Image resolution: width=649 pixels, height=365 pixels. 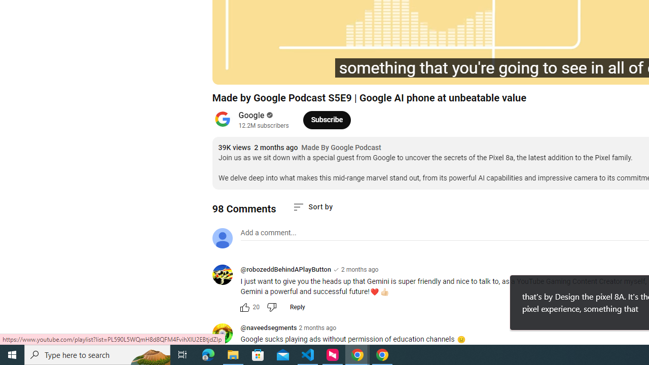 What do you see at coordinates (327, 119) in the screenshot?
I see `'Subscribe to Google.'` at bounding box center [327, 119].